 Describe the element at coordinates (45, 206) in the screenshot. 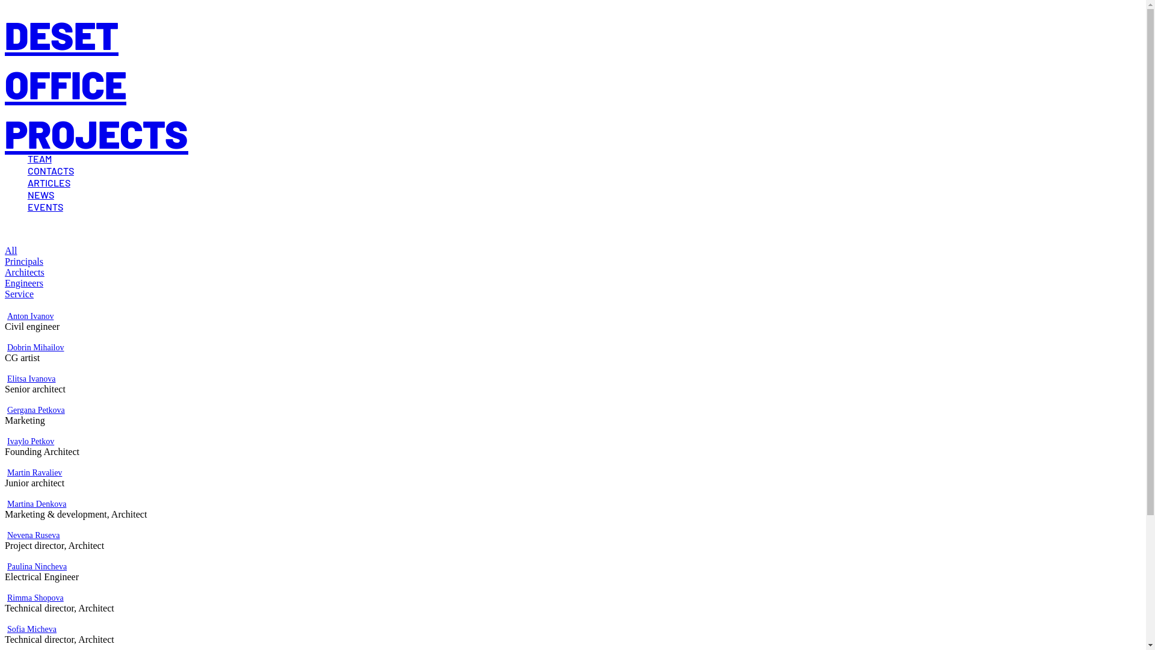

I see `'EVENTS'` at that location.